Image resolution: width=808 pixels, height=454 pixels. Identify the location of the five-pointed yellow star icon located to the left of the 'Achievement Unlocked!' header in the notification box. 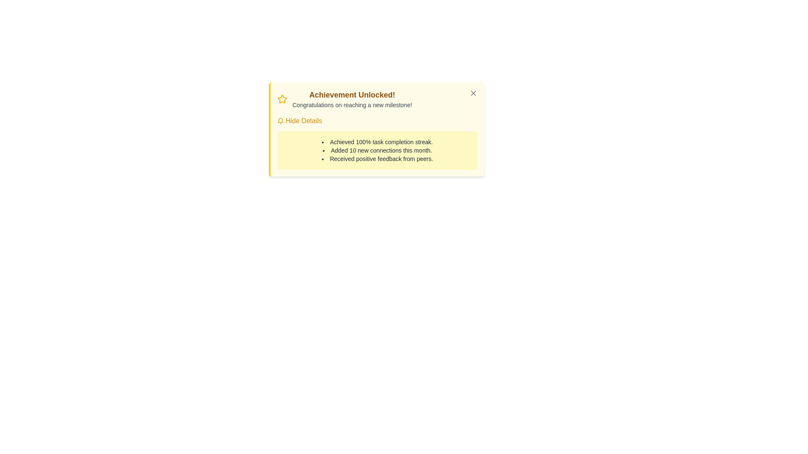
(282, 98).